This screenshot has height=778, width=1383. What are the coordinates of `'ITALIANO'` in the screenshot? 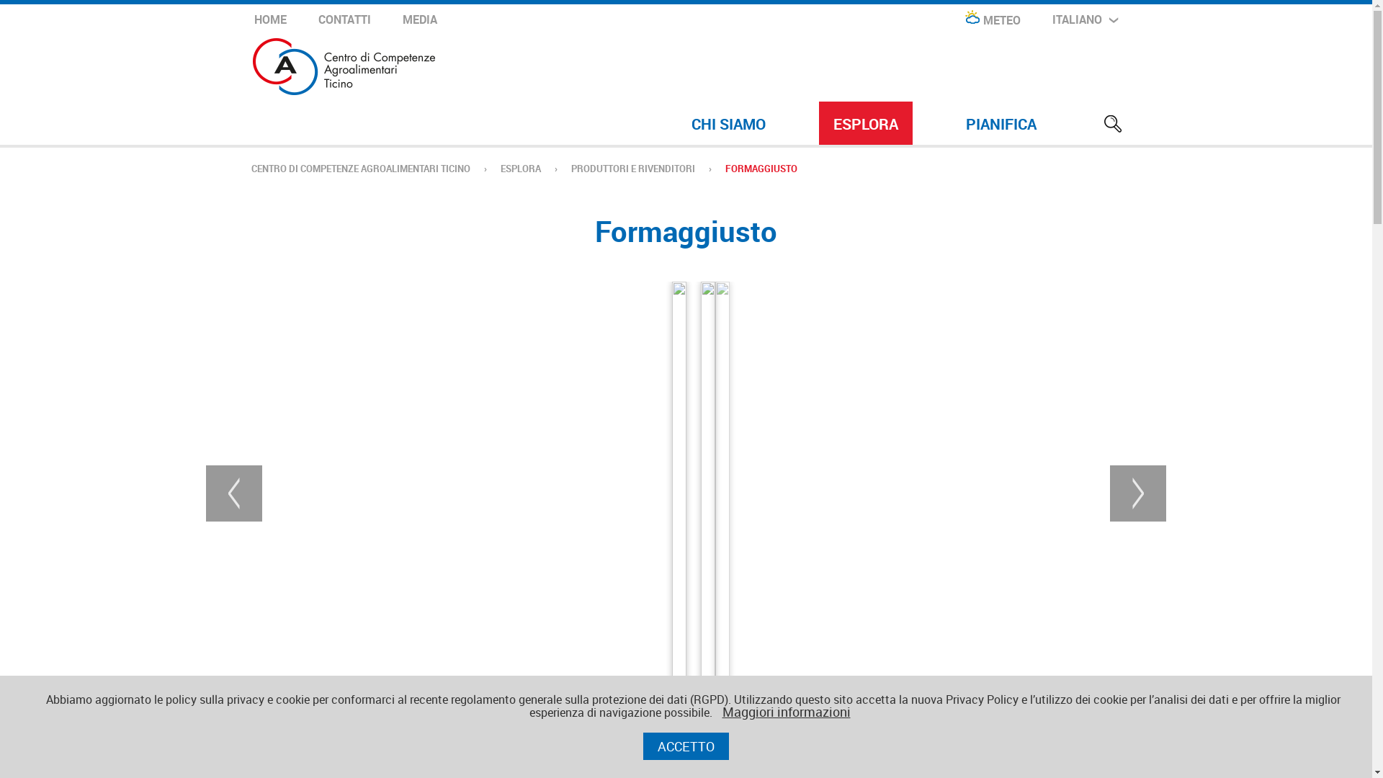 It's located at (1085, 19).